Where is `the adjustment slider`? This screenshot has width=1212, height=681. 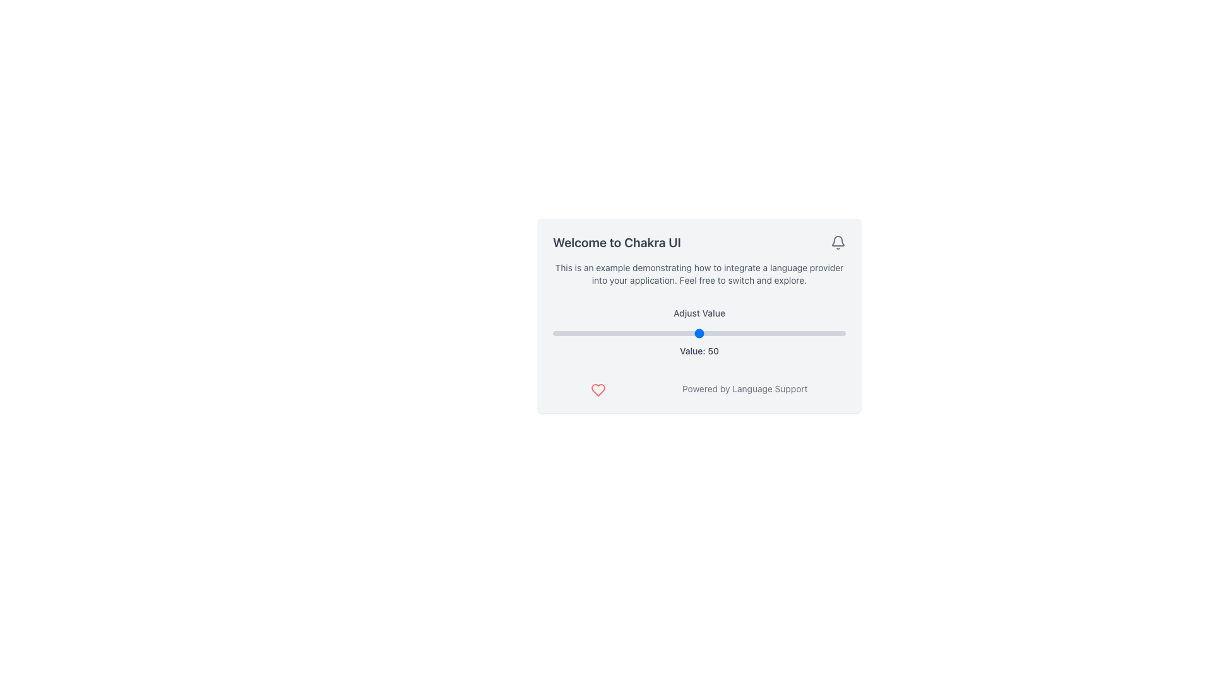
the adjustment slider is located at coordinates (634, 332).